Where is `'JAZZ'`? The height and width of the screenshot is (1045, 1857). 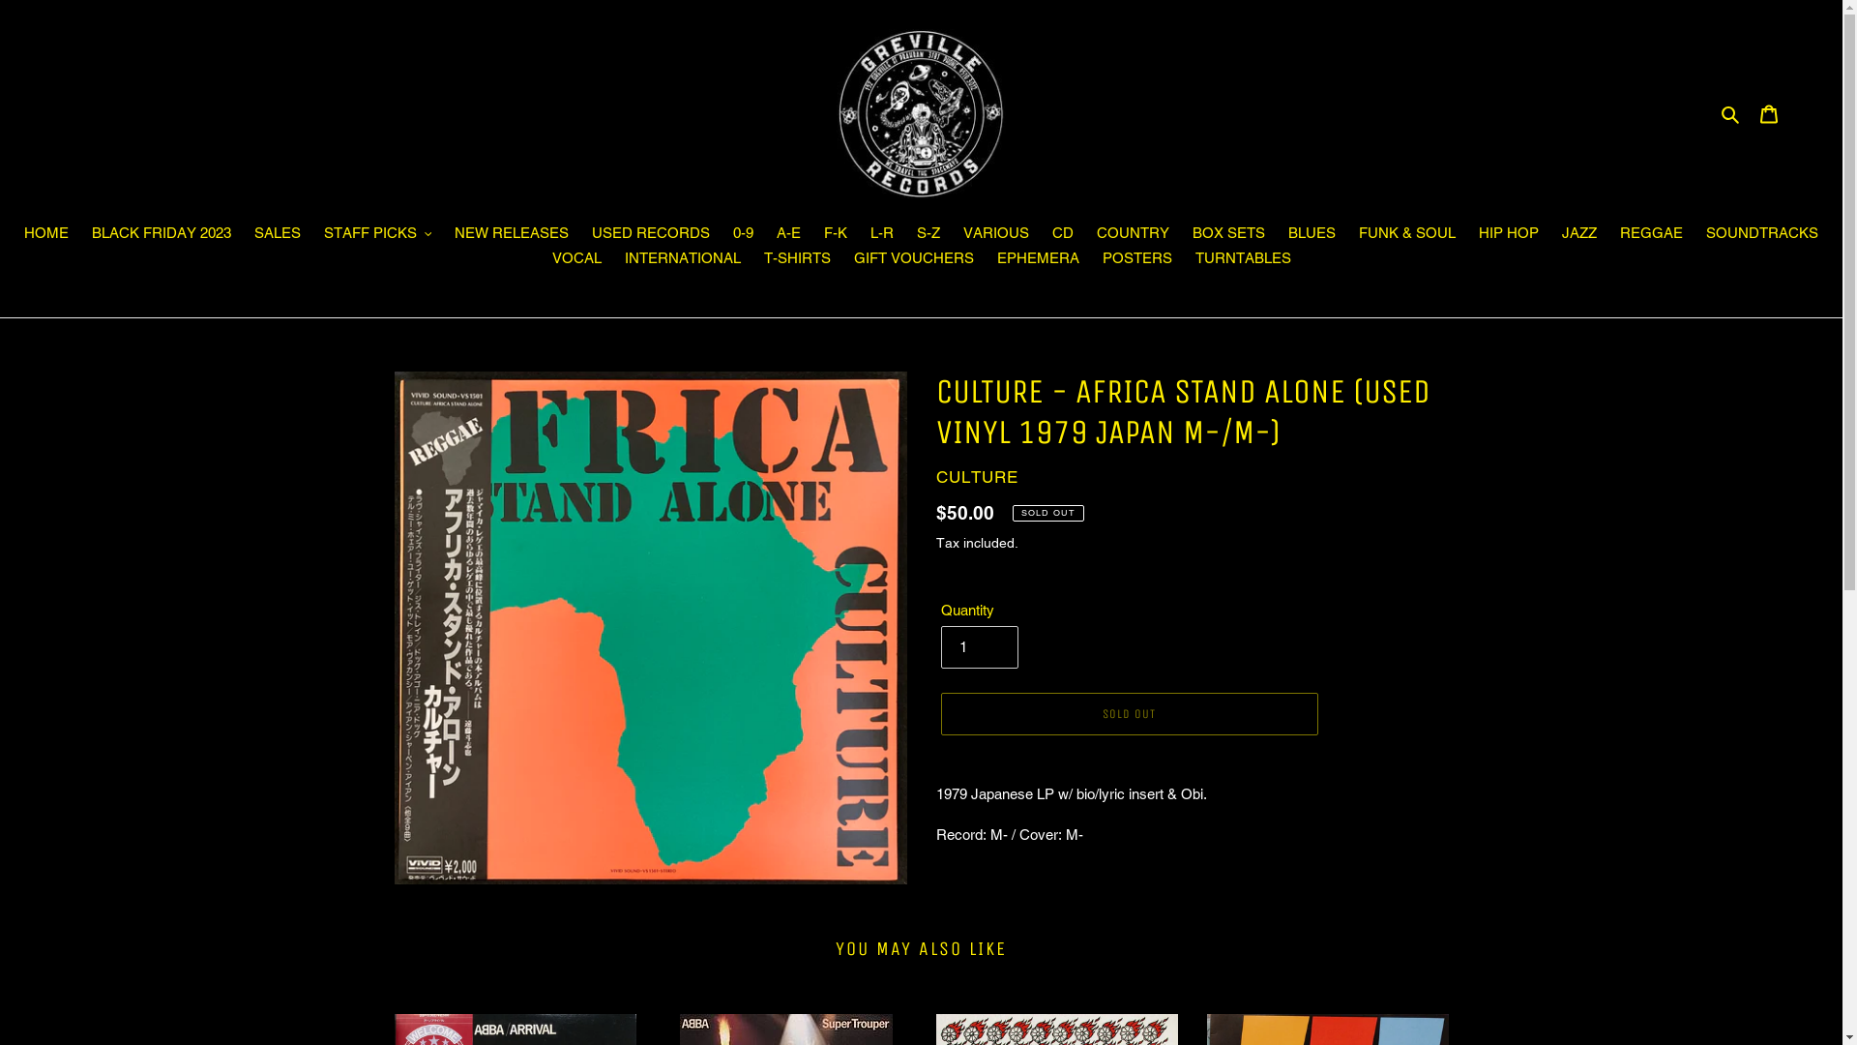 'JAZZ' is located at coordinates (1578, 234).